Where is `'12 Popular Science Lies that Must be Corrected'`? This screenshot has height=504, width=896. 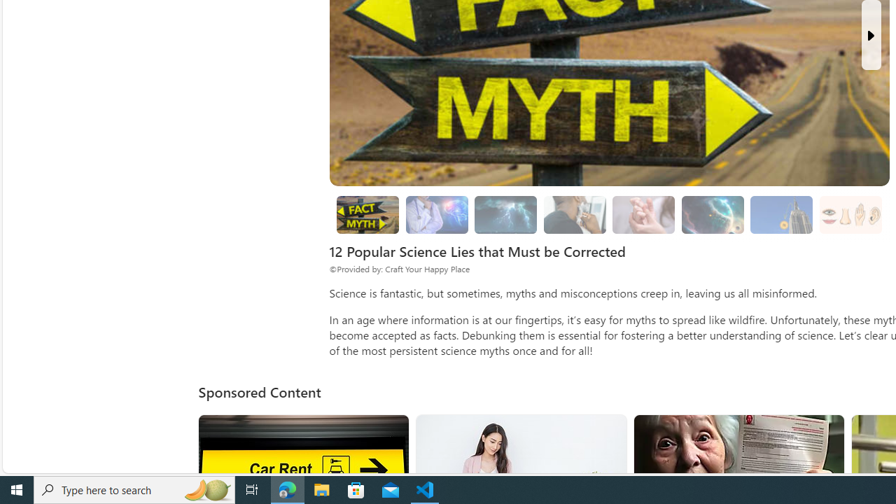
'12 Popular Science Lies that Must be Corrected' is located at coordinates (367, 215).